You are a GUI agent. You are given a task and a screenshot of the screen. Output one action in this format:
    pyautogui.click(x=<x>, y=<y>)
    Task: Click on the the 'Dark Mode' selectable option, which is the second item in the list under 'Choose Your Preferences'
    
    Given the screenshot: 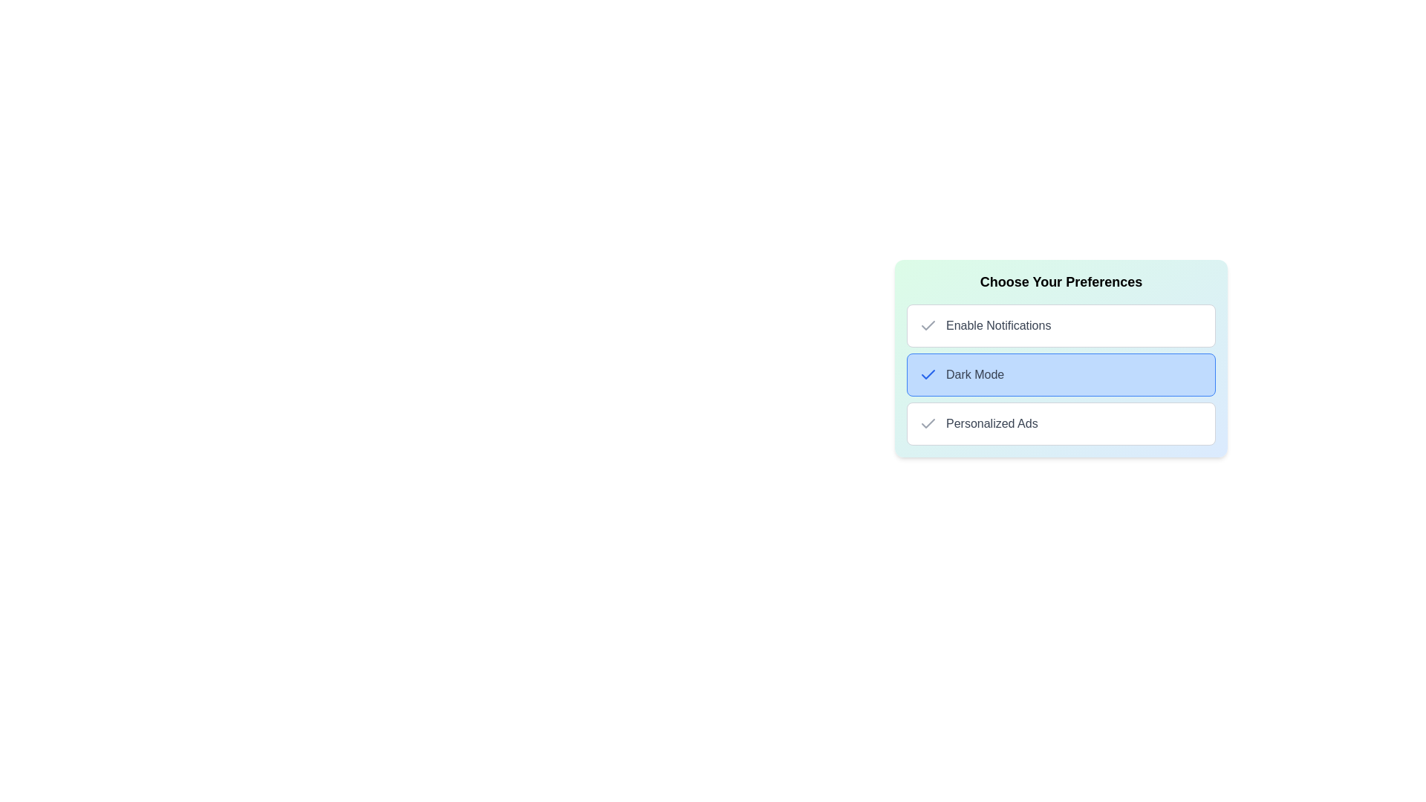 What is the action you would take?
    pyautogui.click(x=1061, y=380)
    